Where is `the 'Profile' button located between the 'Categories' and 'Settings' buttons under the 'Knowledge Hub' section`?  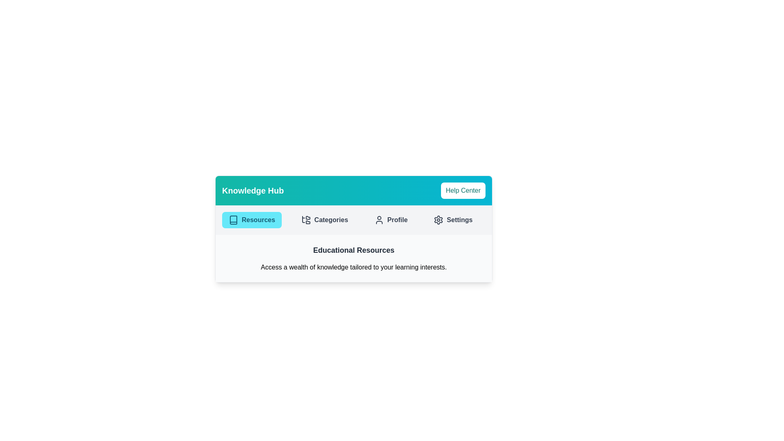
the 'Profile' button located between the 'Categories' and 'Settings' buttons under the 'Knowledge Hub' section is located at coordinates (390, 220).